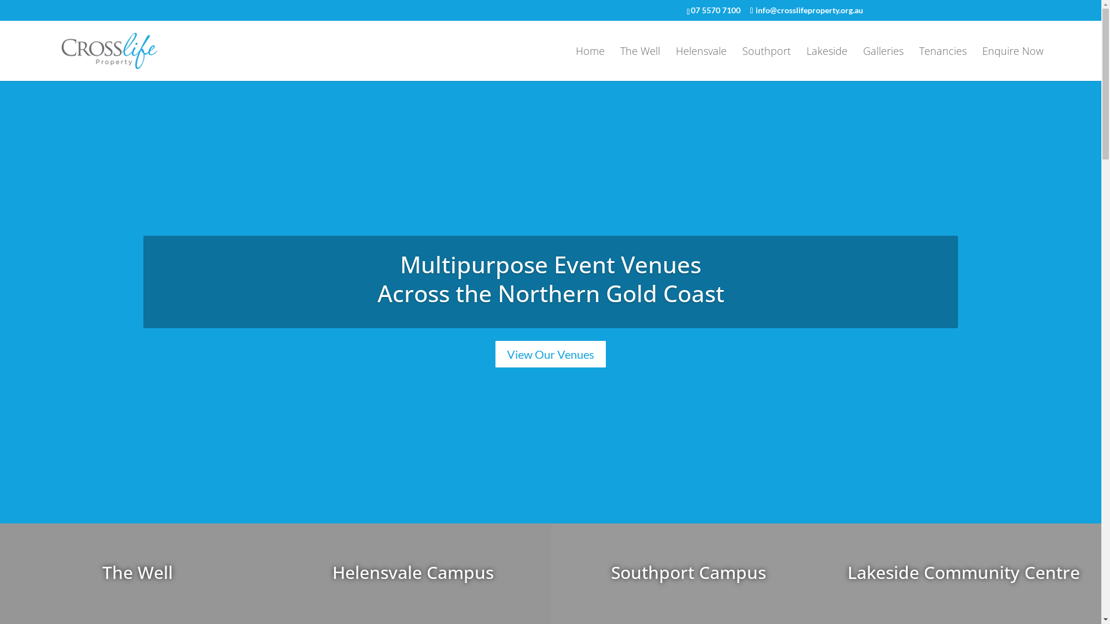  What do you see at coordinates (742, 64) in the screenshot?
I see `'Southport'` at bounding box center [742, 64].